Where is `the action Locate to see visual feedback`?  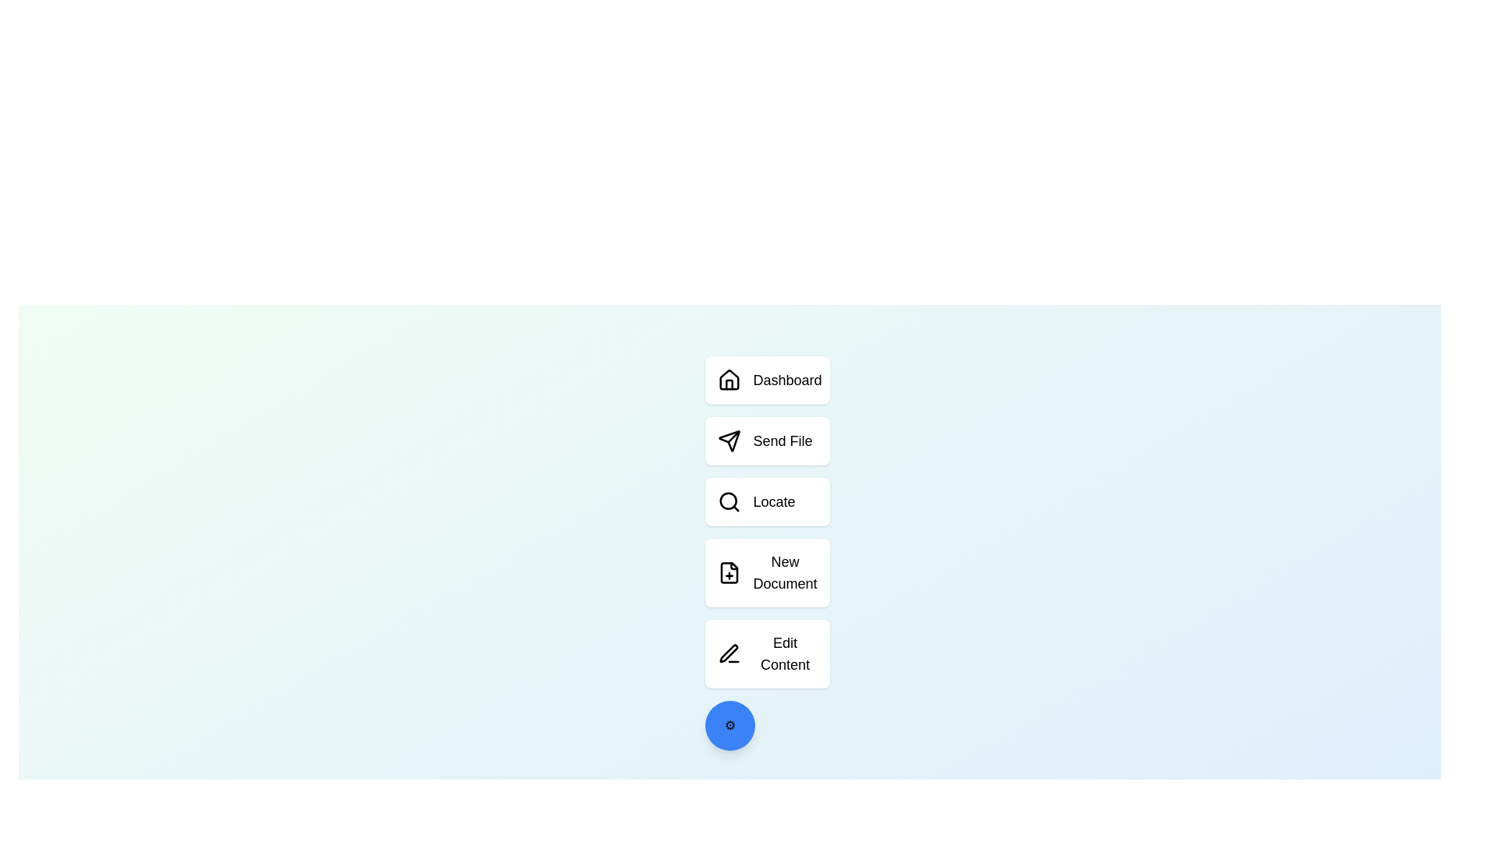 the action Locate to see visual feedback is located at coordinates (767, 502).